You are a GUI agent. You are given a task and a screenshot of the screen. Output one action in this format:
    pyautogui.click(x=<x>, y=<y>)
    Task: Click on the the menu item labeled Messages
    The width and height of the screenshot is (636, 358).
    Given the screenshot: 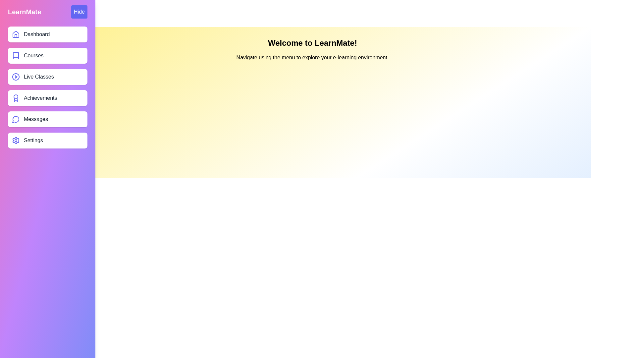 What is the action you would take?
    pyautogui.click(x=47, y=119)
    